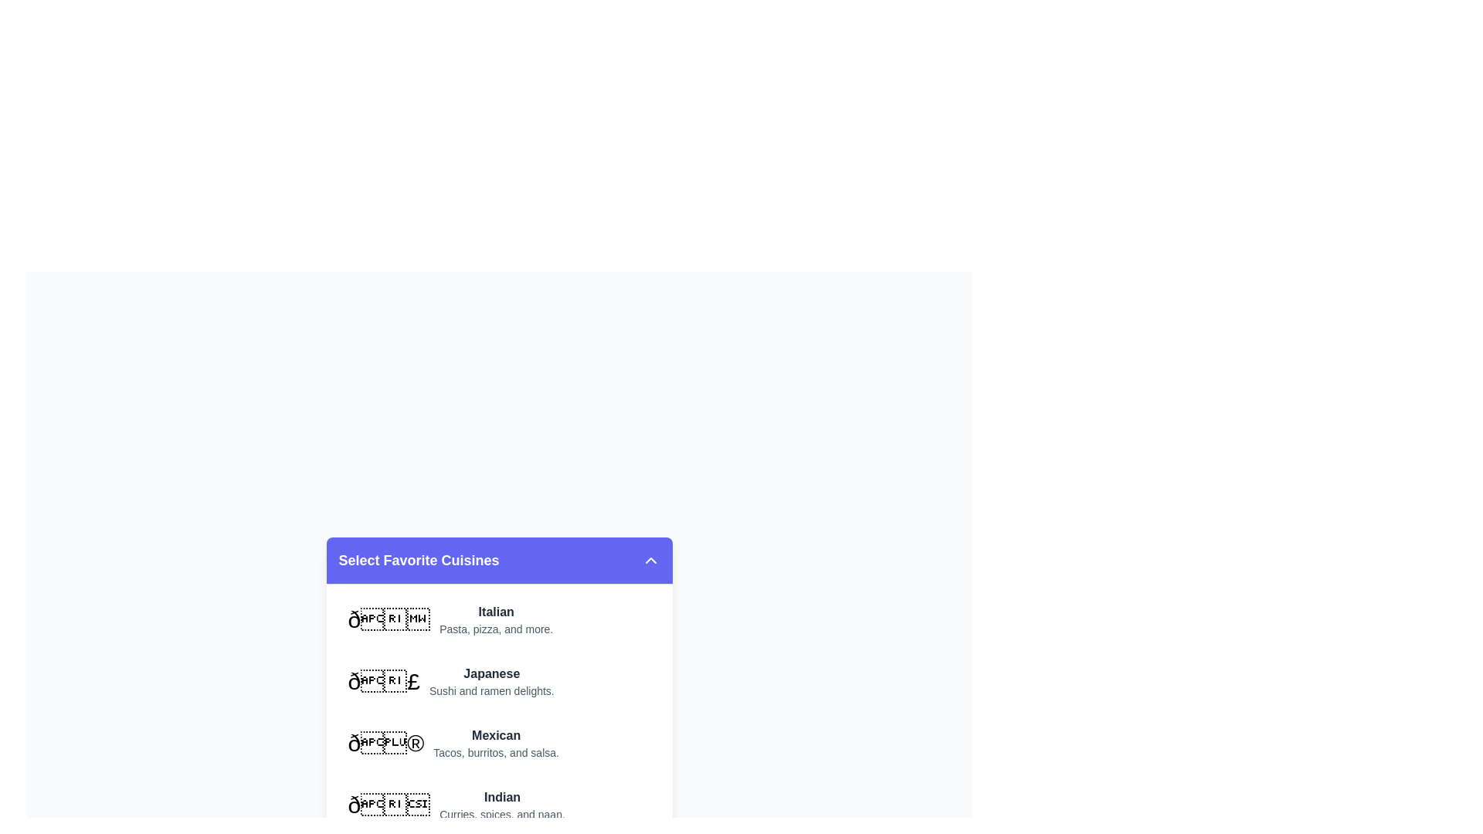 The width and height of the screenshot is (1483, 834). What do you see at coordinates (384, 680) in the screenshot?
I see `the decorative icon representing the Japanese cuisine entry, located to the left of the text 'Japanese Sushi and ramen delights'` at bounding box center [384, 680].